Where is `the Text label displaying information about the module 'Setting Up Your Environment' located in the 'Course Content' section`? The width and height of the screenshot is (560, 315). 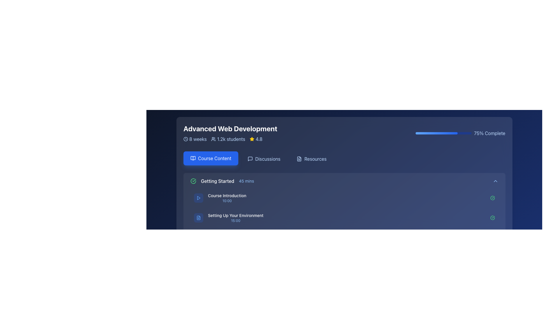
the Text label displaying information about the module 'Setting Up Your Environment' located in the 'Course Content' section is located at coordinates (235, 218).